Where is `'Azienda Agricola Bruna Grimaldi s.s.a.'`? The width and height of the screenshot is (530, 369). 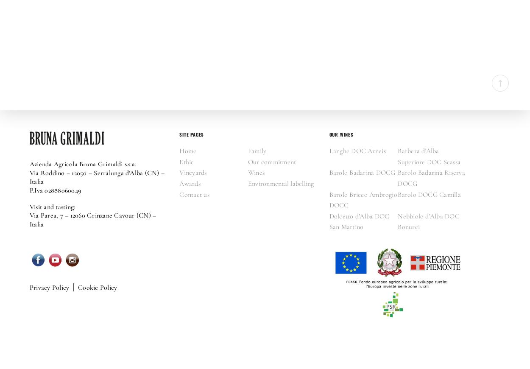
'Azienda Agricola Bruna Grimaldi s.s.a.' is located at coordinates (82, 164).